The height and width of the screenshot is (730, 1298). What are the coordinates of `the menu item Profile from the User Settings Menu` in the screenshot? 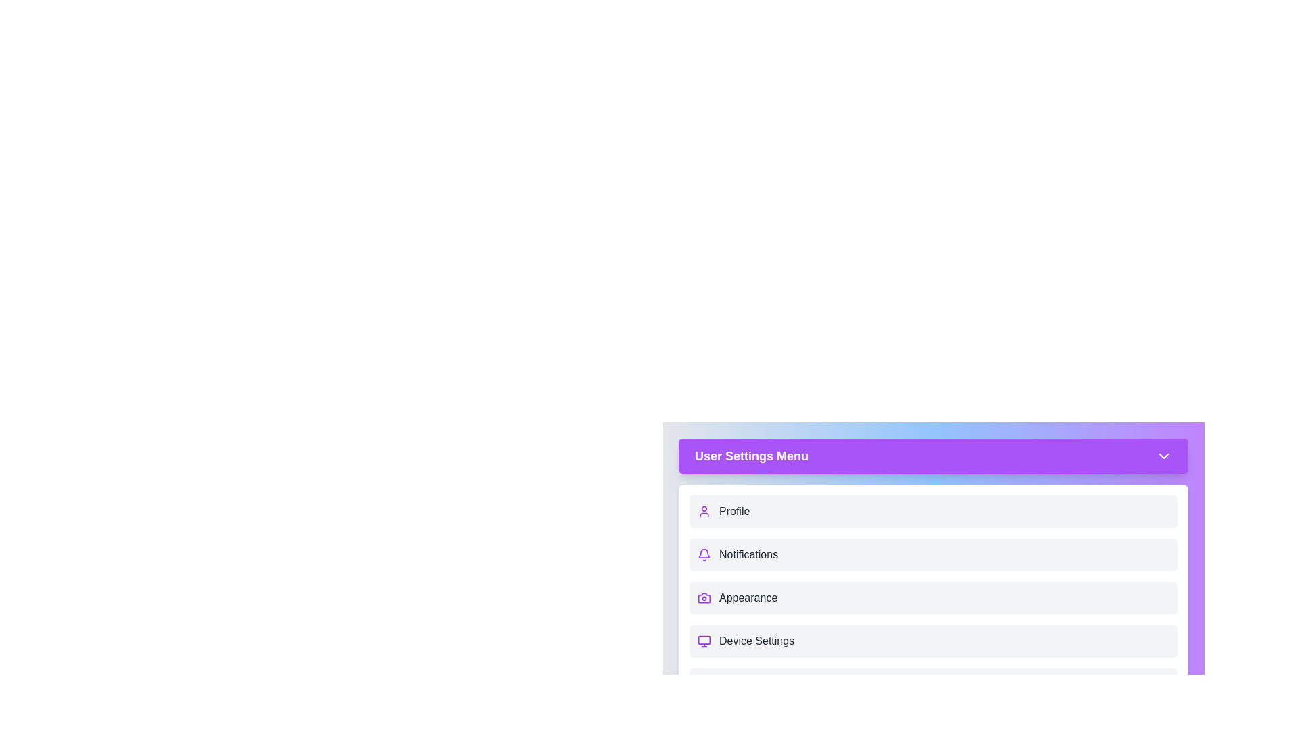 It's located at (933, 511).